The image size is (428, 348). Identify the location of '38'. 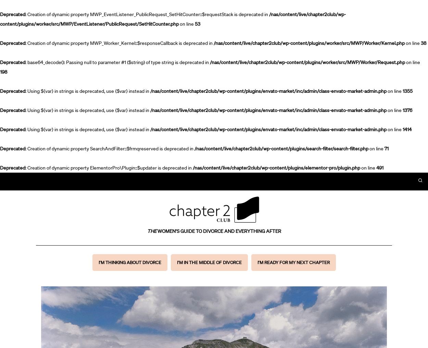
(423, 43).